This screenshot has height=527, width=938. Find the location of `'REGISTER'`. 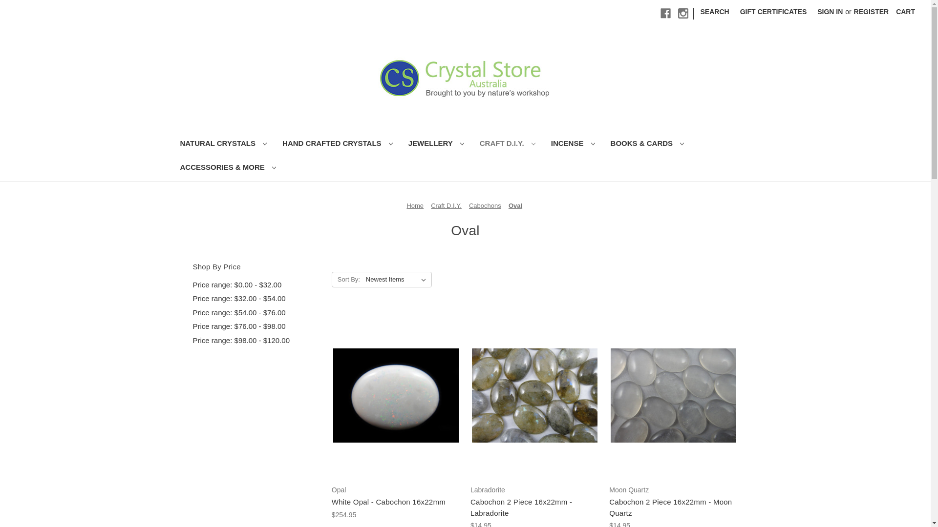

'REGISTER' is located at coordinates (872, 12).